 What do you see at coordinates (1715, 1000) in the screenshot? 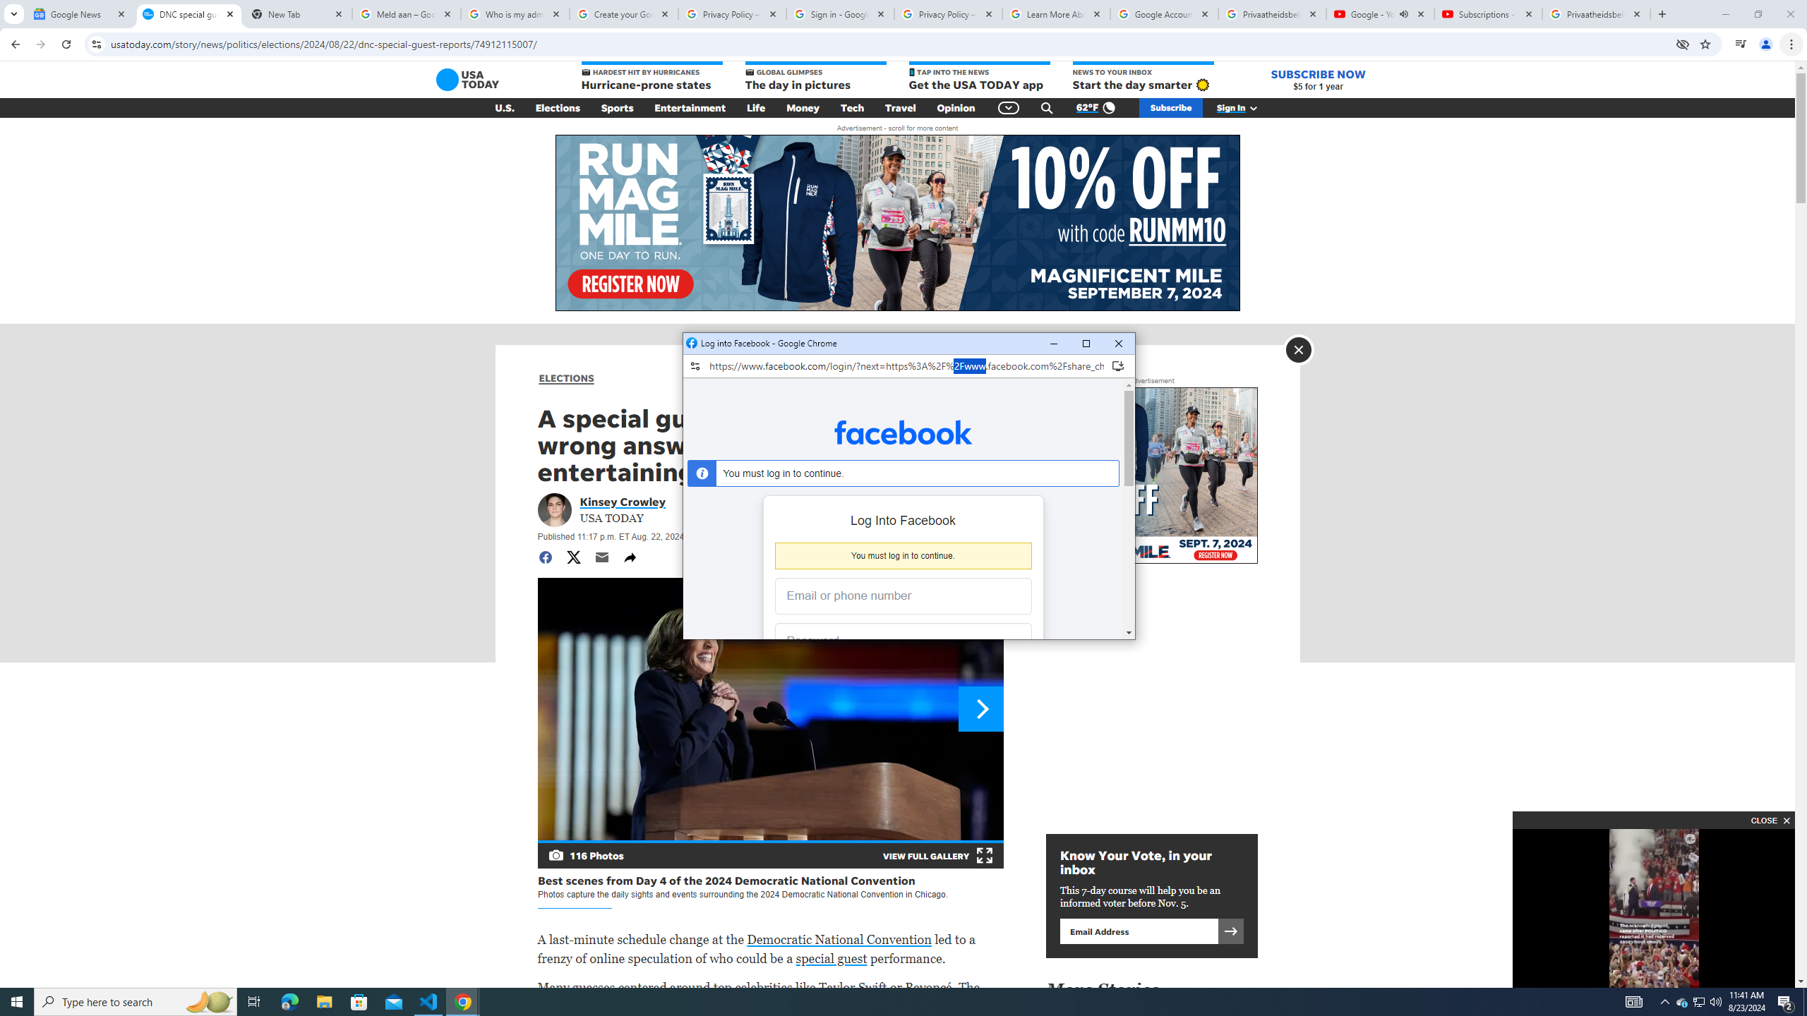
I see `'Q2790: 100%'` at bounding box center [1715, 1000].